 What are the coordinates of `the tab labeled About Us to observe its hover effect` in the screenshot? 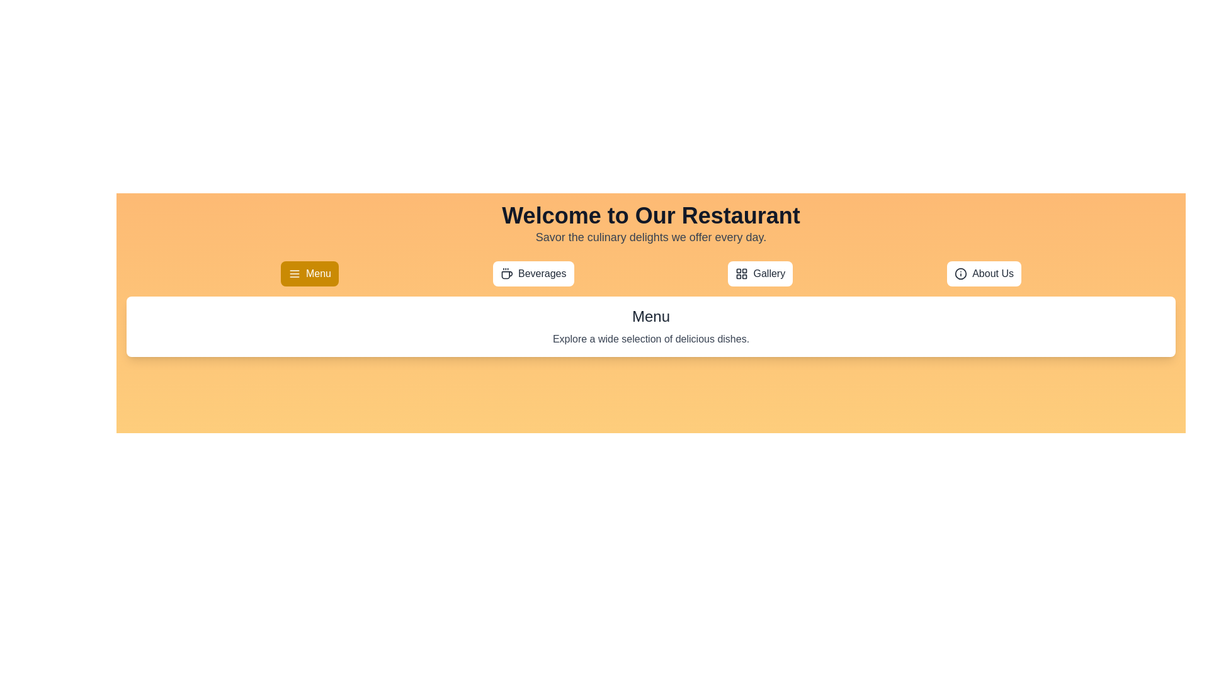 It's located at (984, 273).